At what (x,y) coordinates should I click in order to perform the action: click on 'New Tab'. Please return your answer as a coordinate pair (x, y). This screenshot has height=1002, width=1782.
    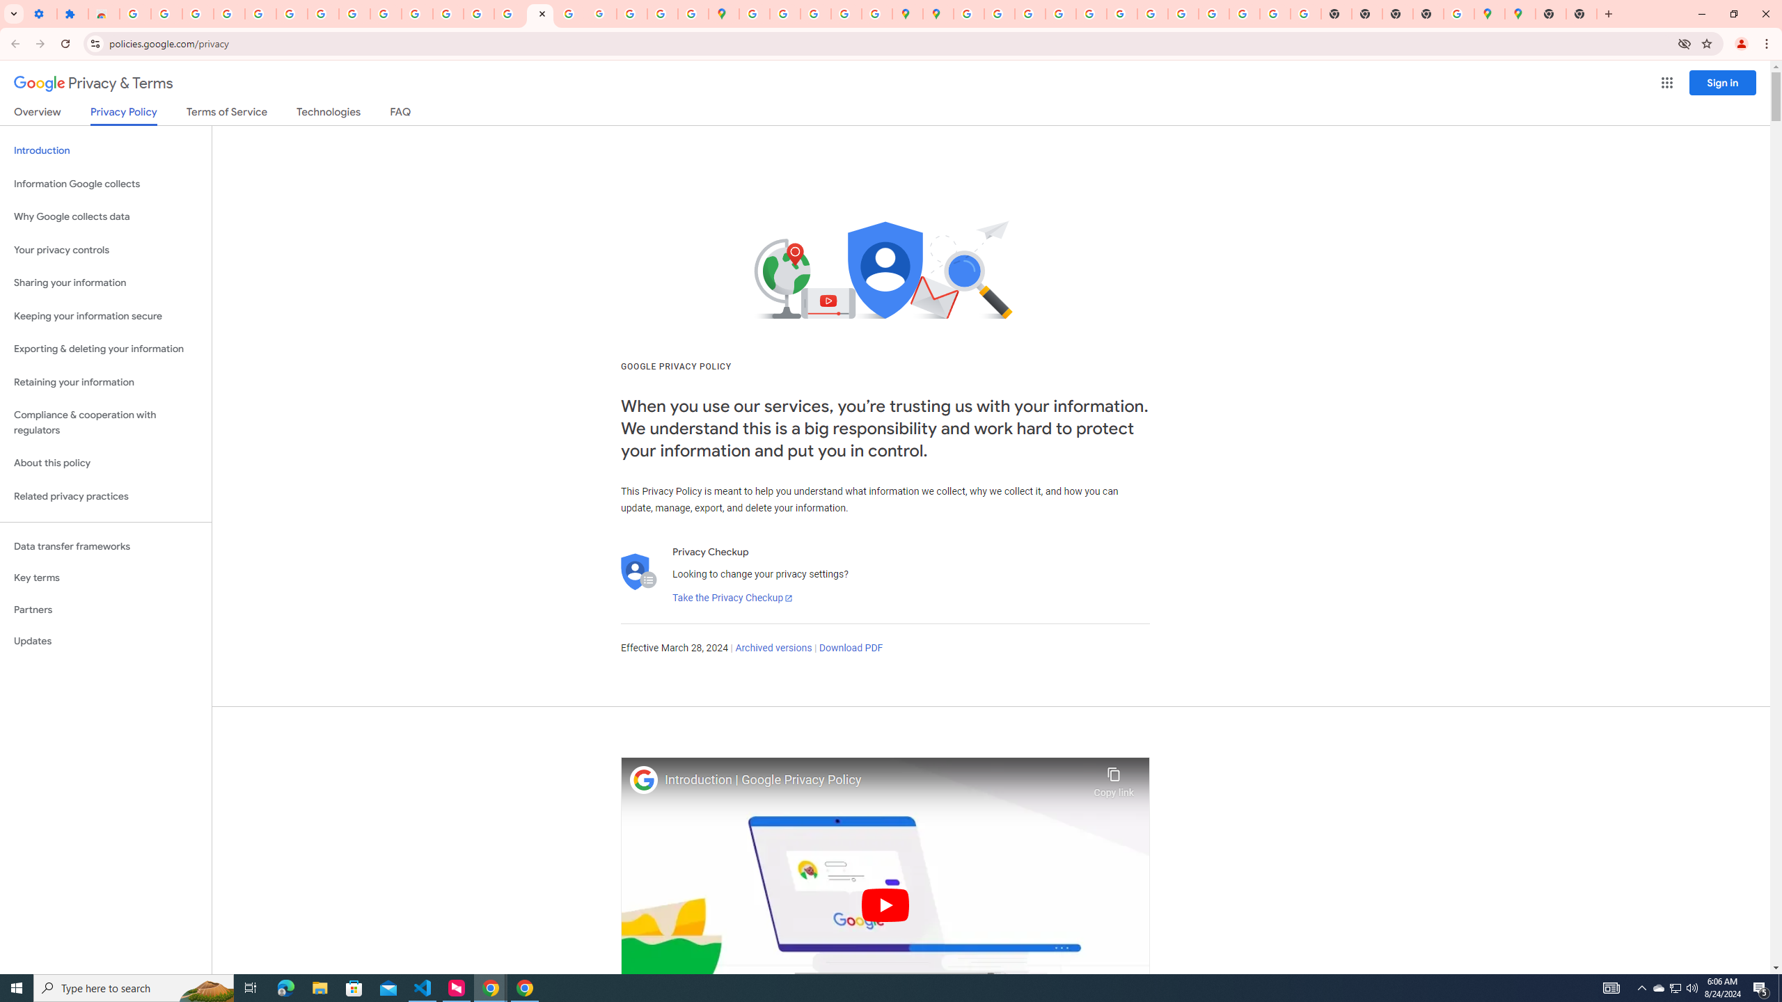
    Looking at the image, I should click on (1581, 13).